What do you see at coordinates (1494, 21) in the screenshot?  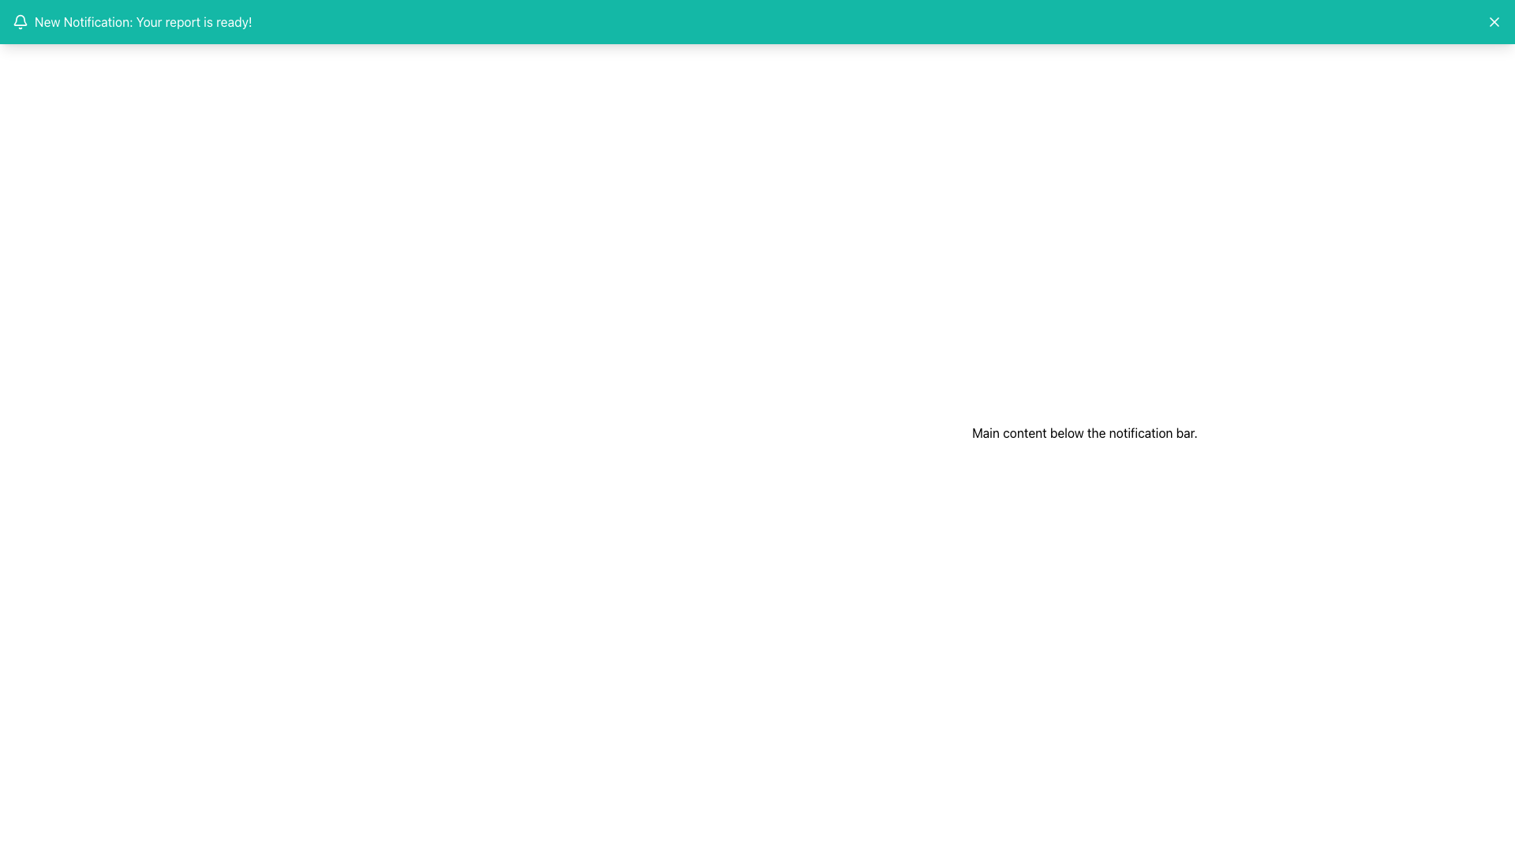 I see `the close button represented by an 'X' icon located at the far right corner of the teal notification bar` at bounding box center [1494, 21].